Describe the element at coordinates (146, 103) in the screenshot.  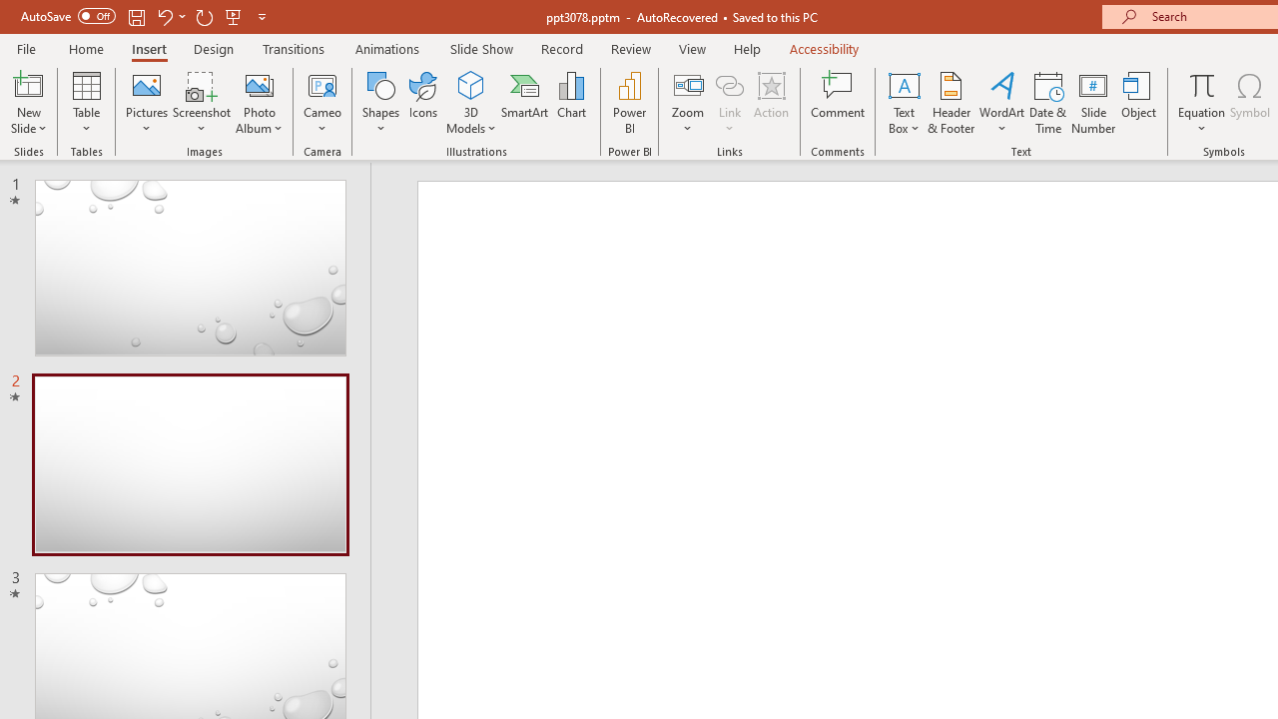
I see `'Pictures'` at that location.